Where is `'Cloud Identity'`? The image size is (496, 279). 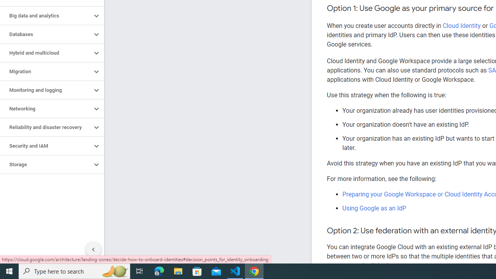 'Cloud Identity' is located at coordinates (462, 25).